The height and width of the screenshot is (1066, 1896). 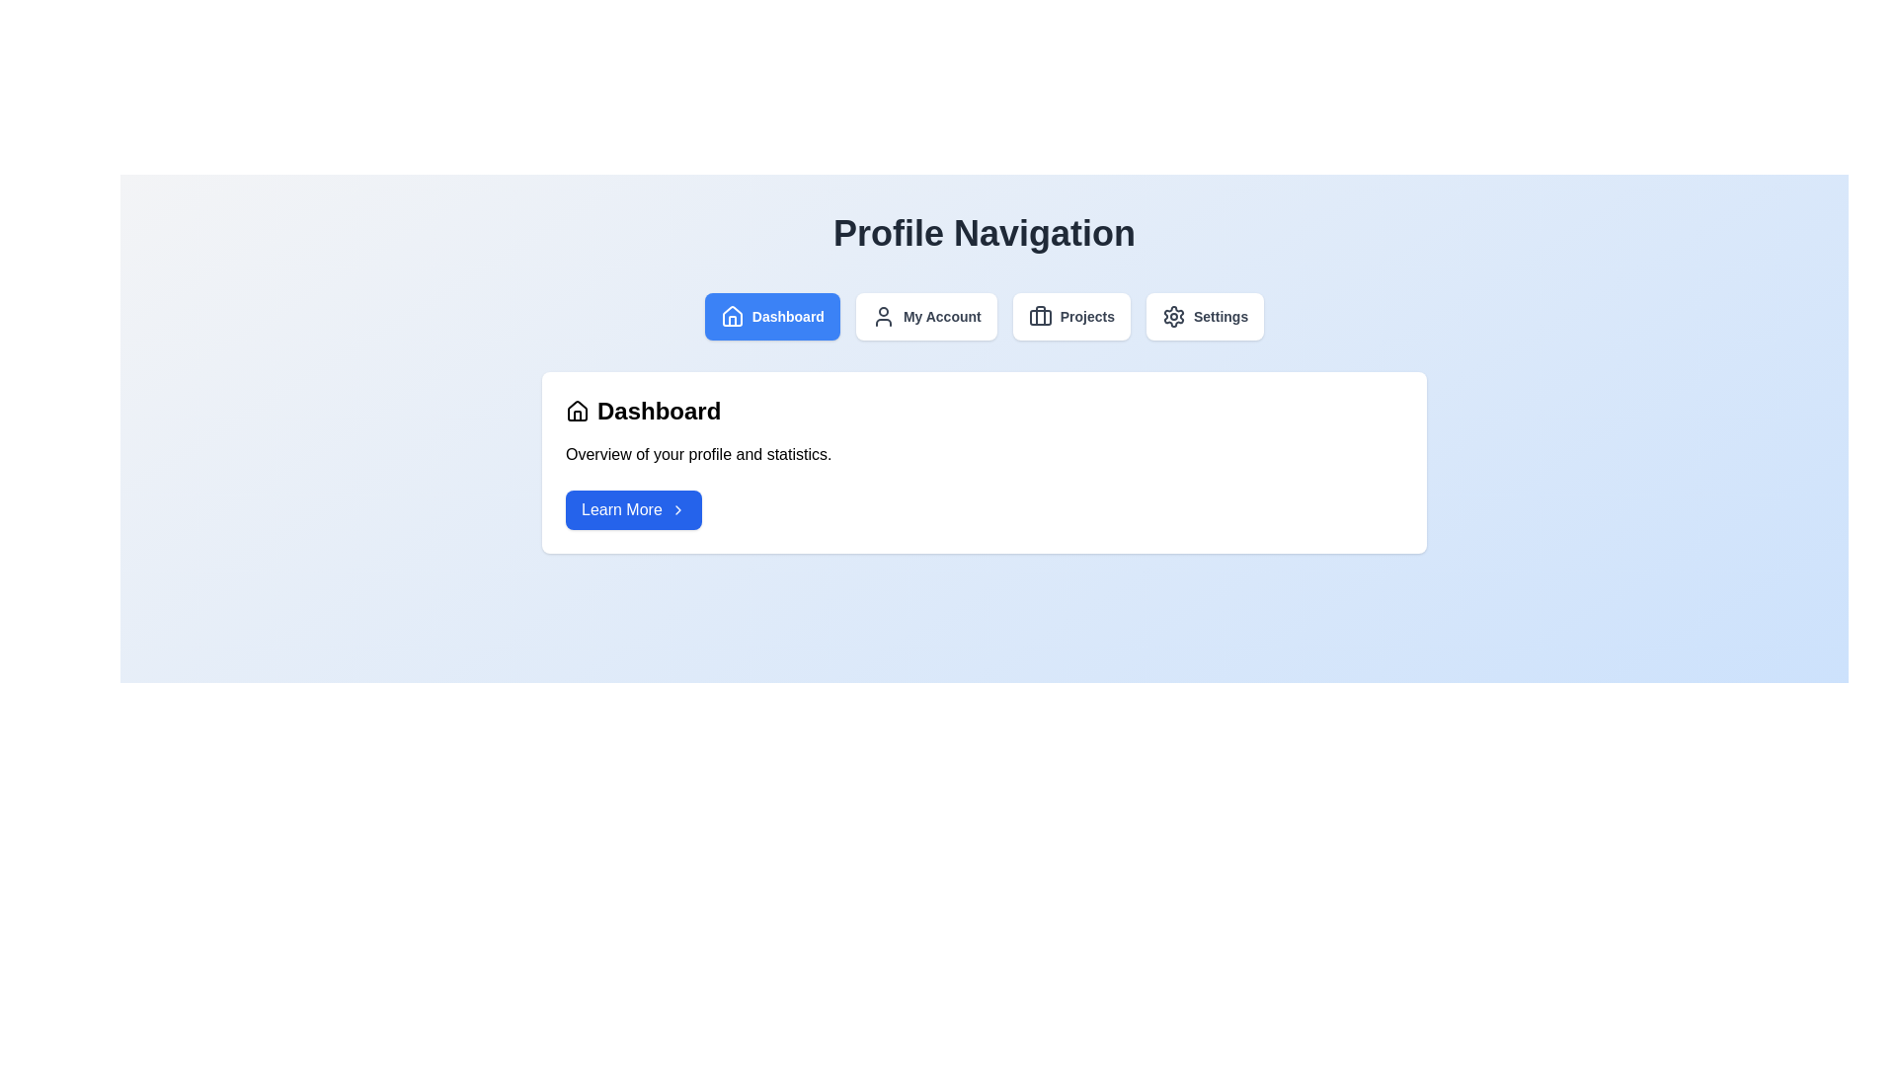 What do you see at coordinates (659, 410) in the screenshot?
I see `the bold 'Dashboard' heading text, which is located in the upper section of a white card layout, adjacent to a house-shaped icon` at bounding box center [659, 410].